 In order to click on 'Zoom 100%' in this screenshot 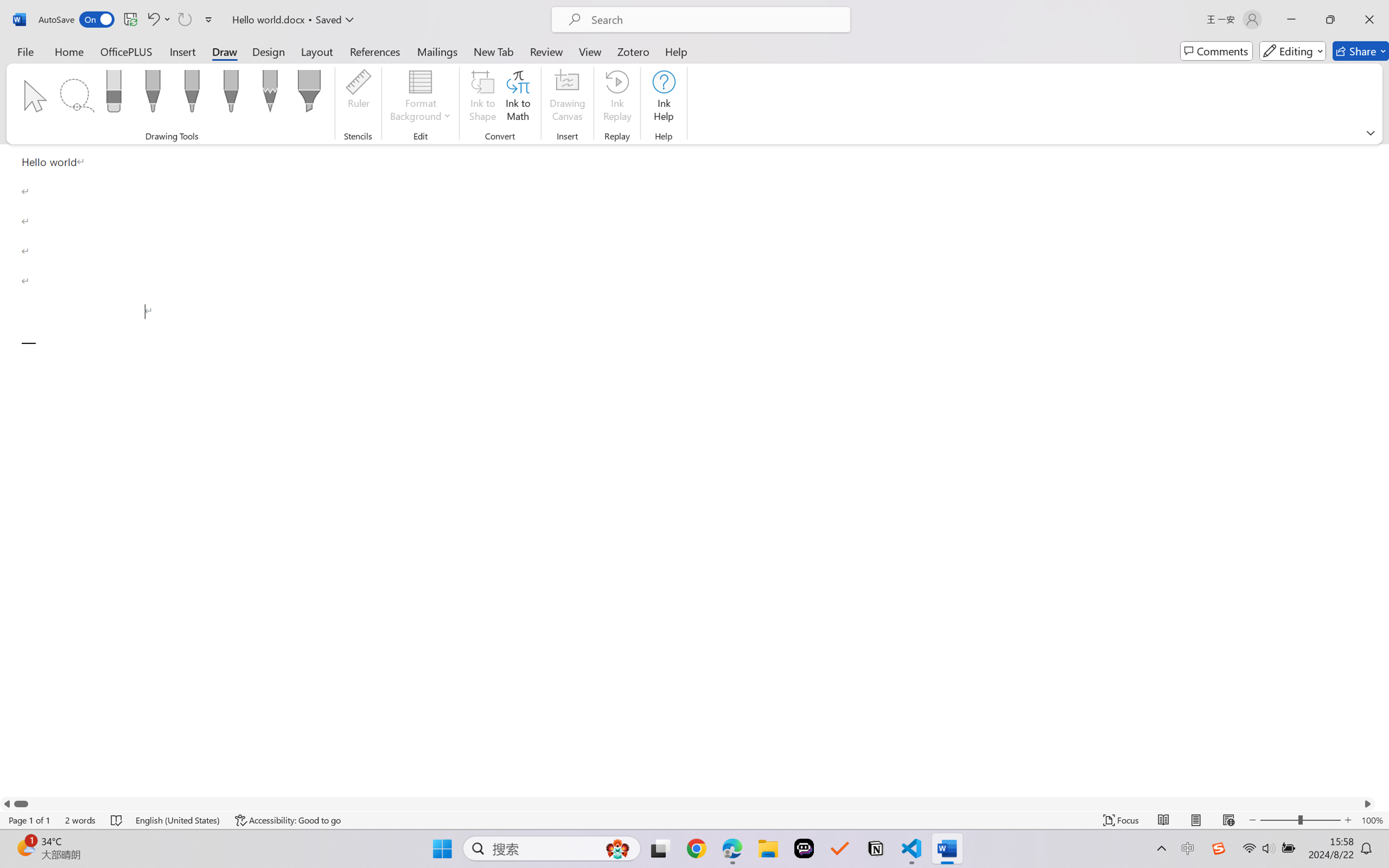, I will do `click(1372, 820)`.